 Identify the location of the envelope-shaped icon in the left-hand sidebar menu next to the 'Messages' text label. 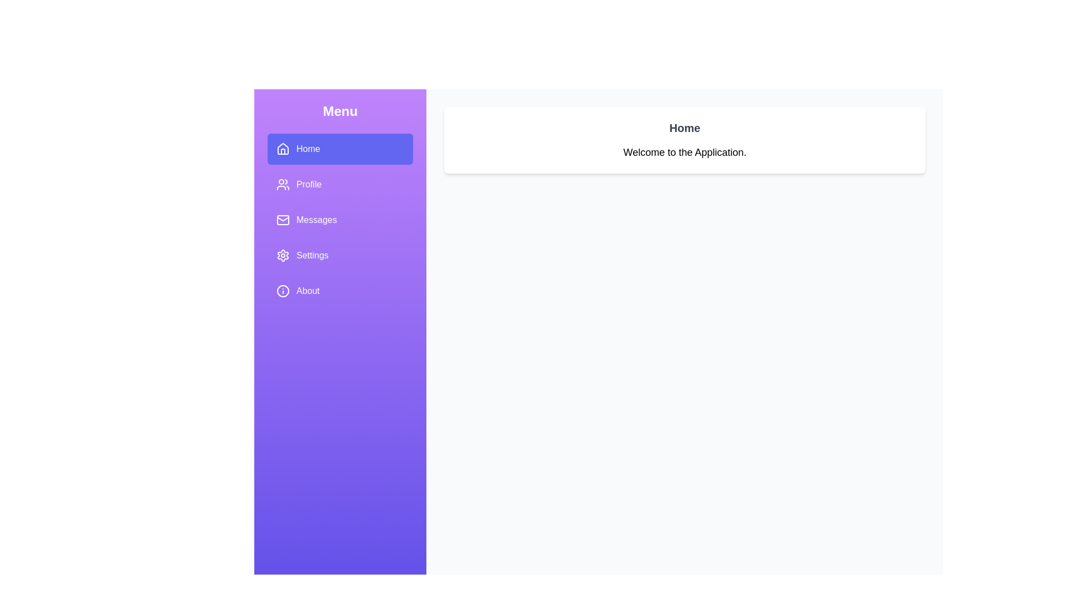
(283, 220).